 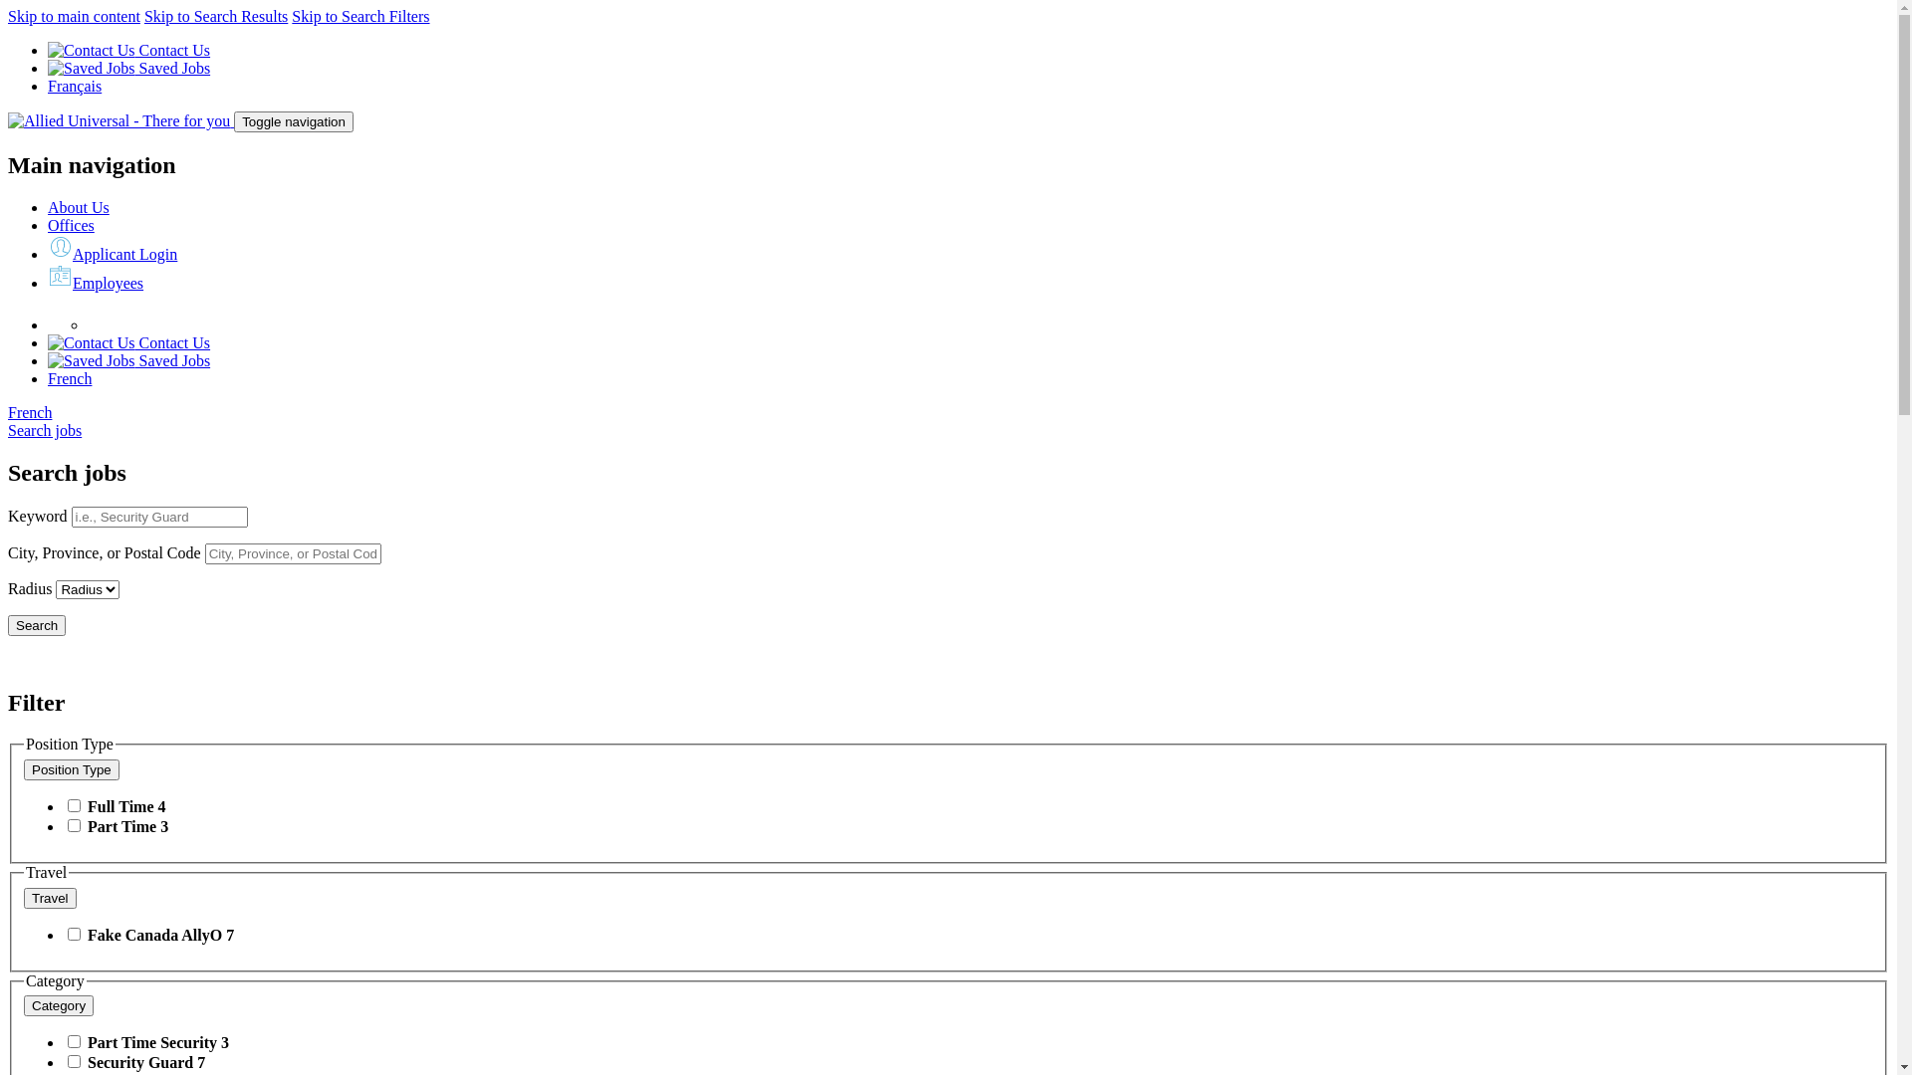 I want to click on 'Skip to Search Results', so click(x=215, y=16).